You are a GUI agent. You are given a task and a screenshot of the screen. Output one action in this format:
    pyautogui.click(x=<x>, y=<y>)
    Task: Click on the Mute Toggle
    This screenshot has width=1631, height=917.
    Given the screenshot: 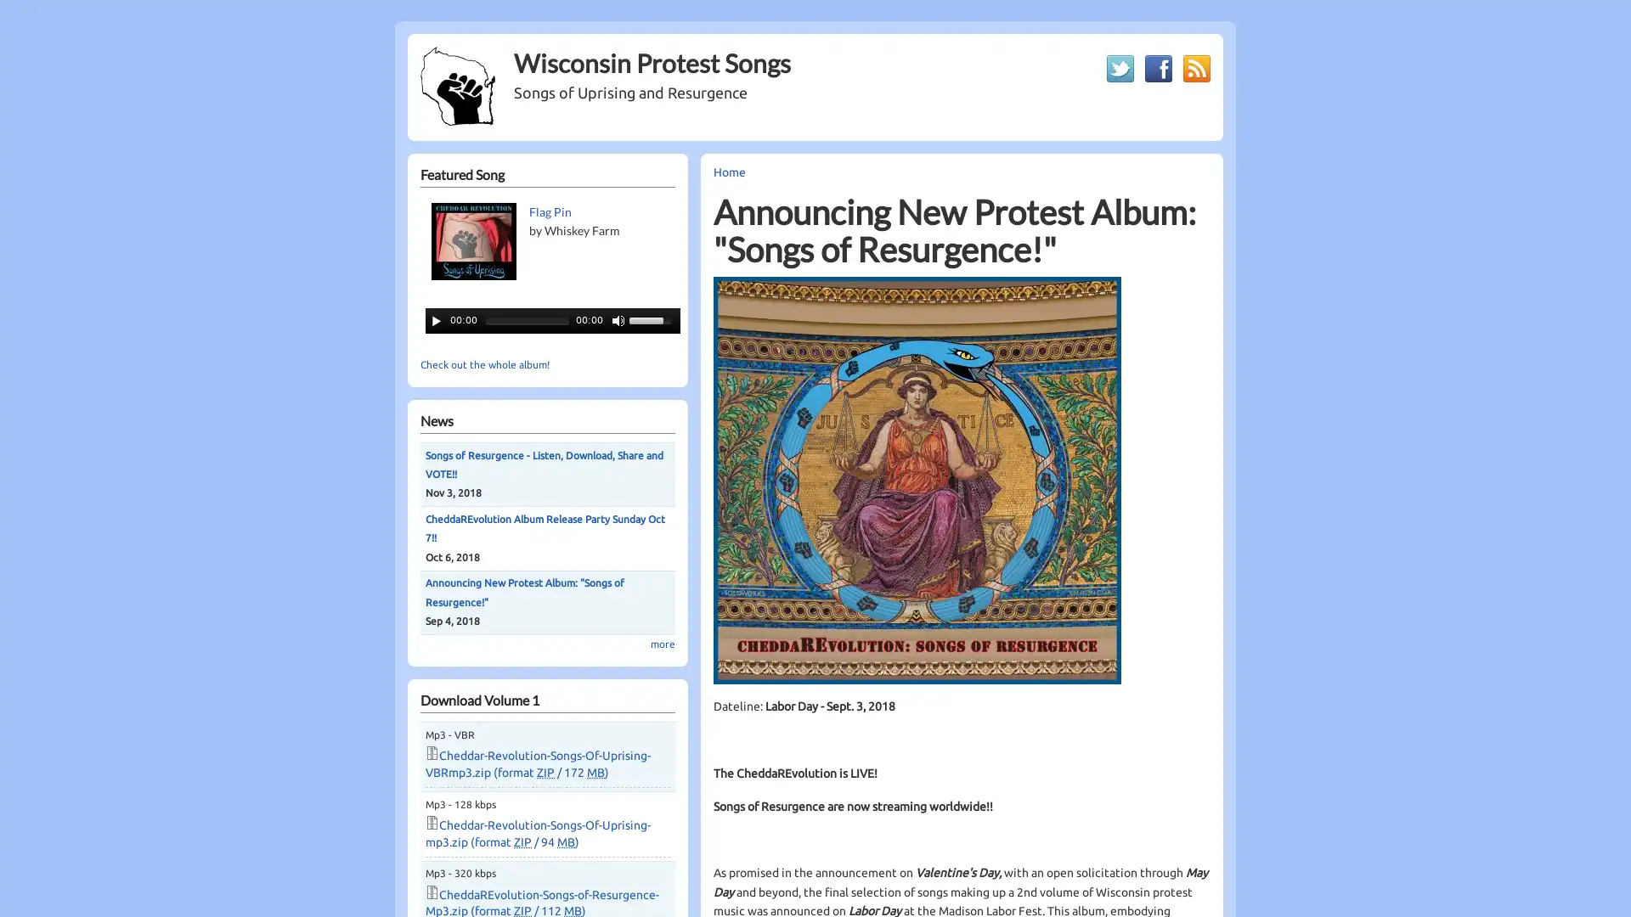 What is the action you would take?
    pyautogui.click(x=618, y=320)
    